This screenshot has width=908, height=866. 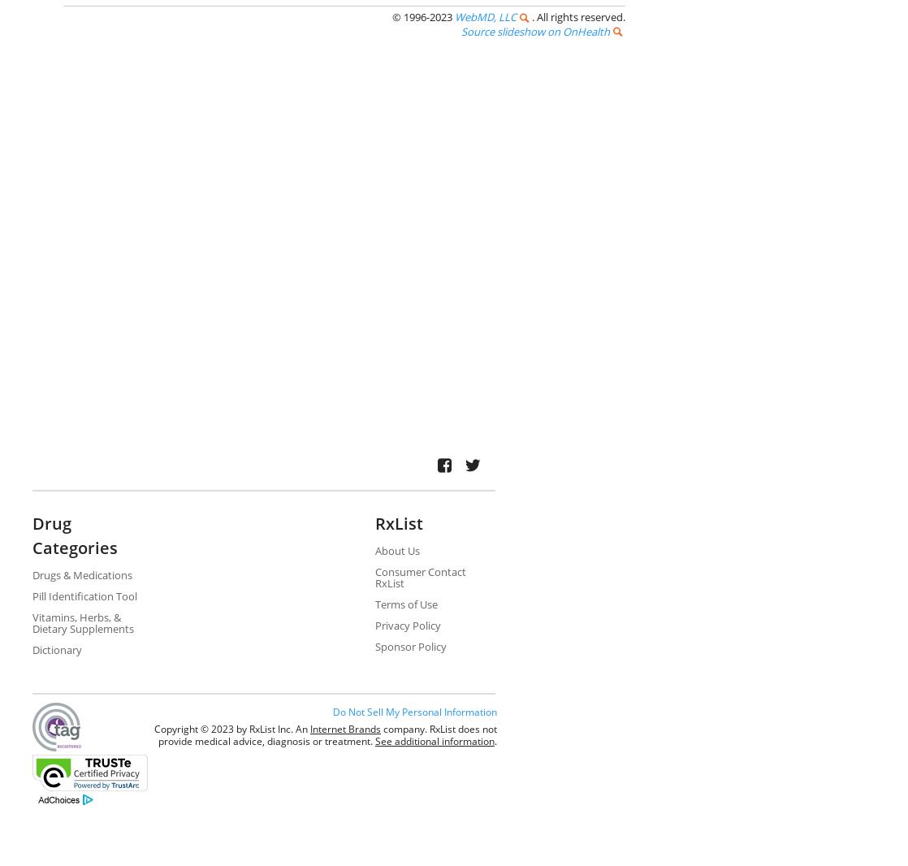 I want to click on 'Sponsor Policy', so click(x=409, y=645).